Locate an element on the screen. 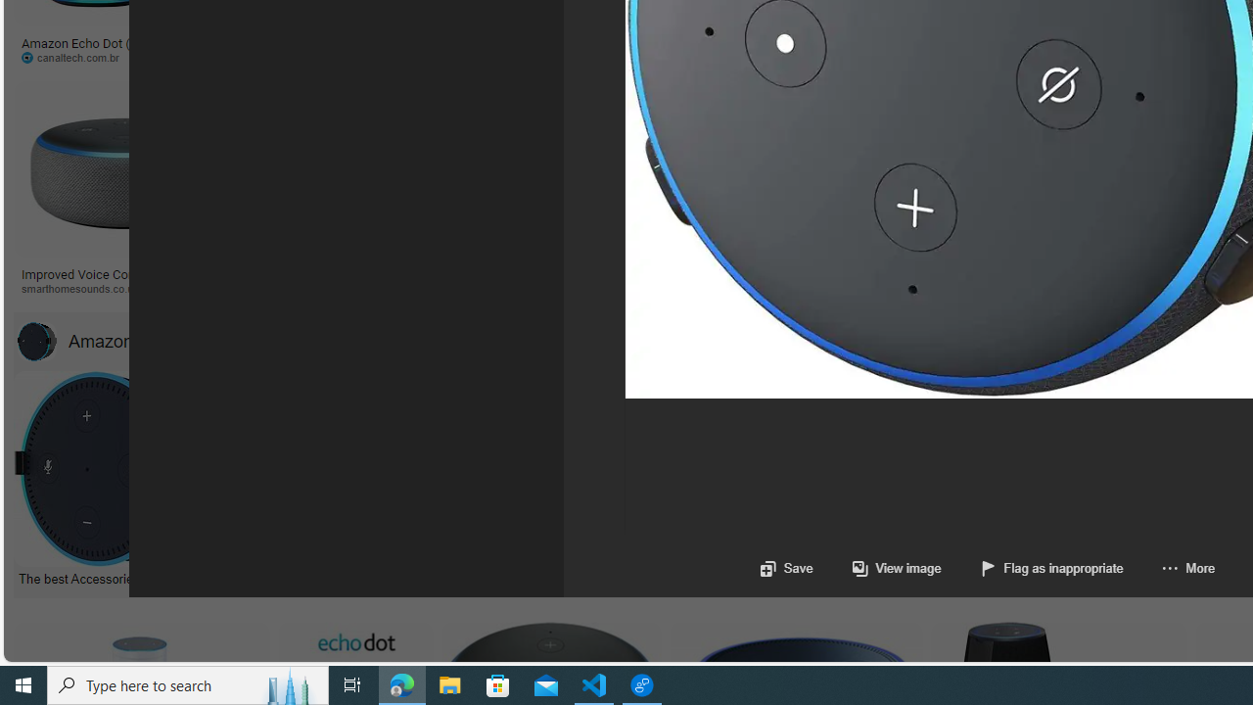  'Improved Voice Control with Sonos & Alexa Echo devices' is located at coordinates (124, 280).